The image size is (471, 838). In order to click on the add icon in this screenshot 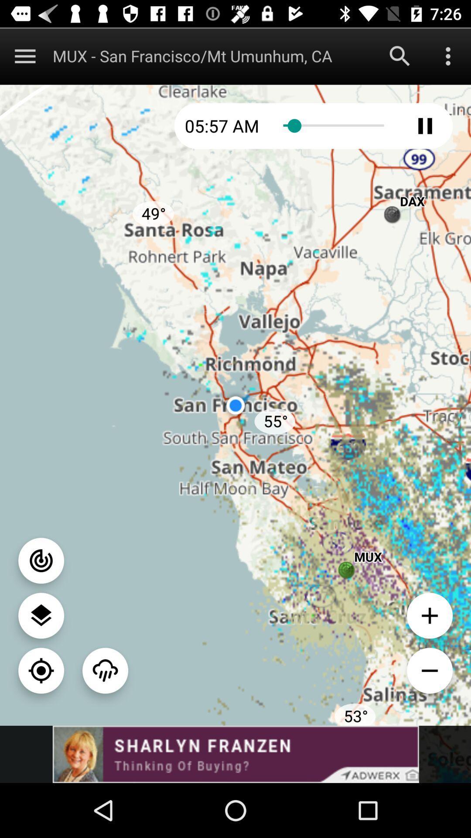, I will do `click(429, 615)`.